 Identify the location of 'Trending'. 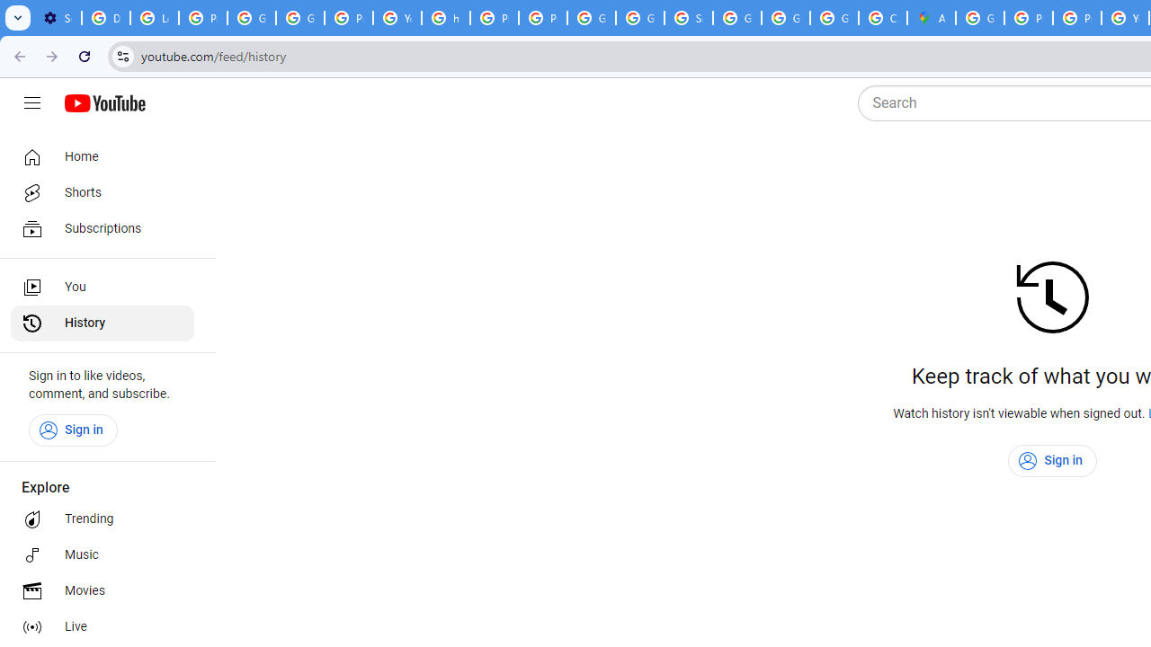
(101, 519).